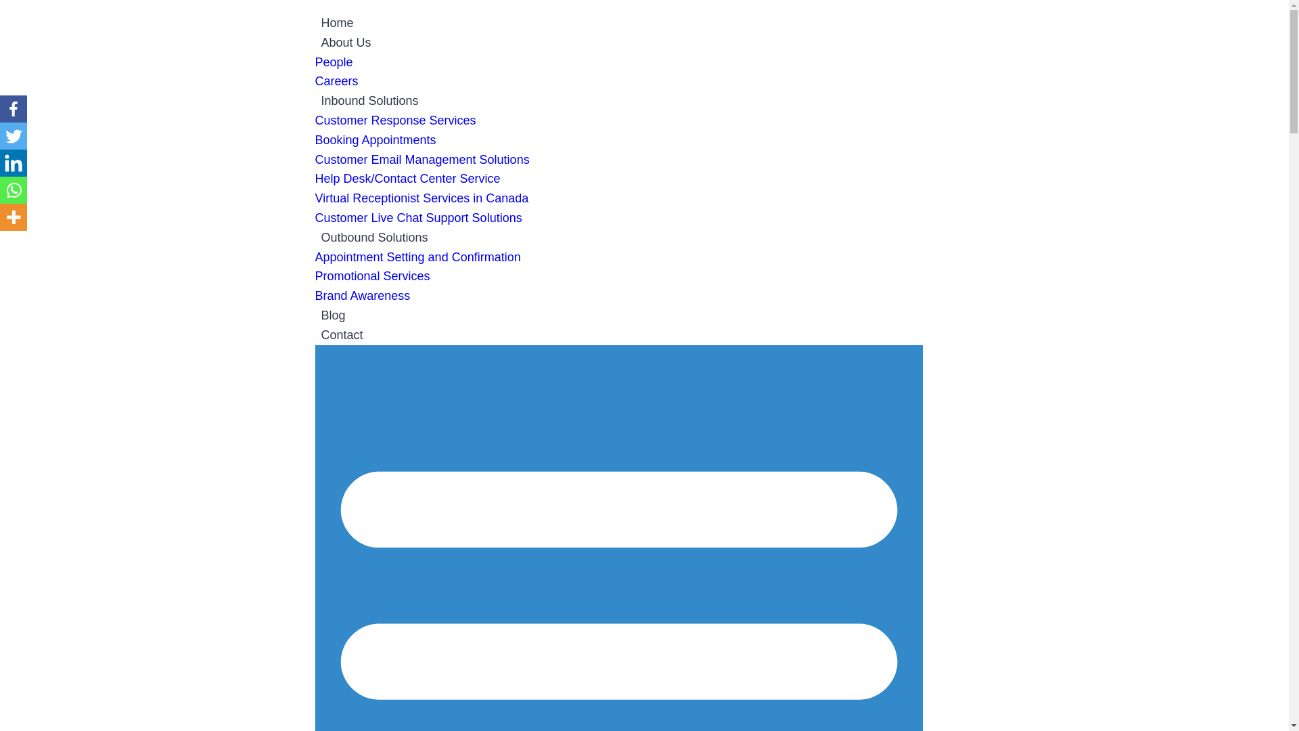 This screenshot has height=731, width=1299. Describe the element at coordinates (314, 23) in the screenshot. I see `'Home'` at that location.